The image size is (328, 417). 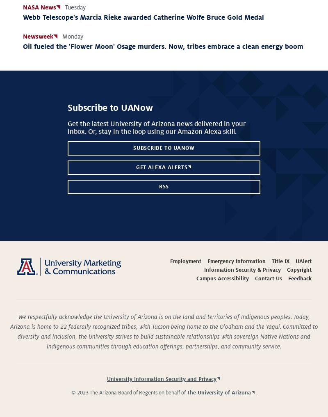 I want to click on 'We respectfully acknowledge the University of Arizona is on the land and territories of Indigenous peoples. Today, Arizona is home to 22 federally recognized tribes, with Tucson being home to the O’odham and the Yaqui. Committed to diversity and inclusion, the University strives to build sustainable relationships with sovereign Native Nations and Indigenous communities through education offerings, partnerships, and community service.', so click(x=163, y=331).